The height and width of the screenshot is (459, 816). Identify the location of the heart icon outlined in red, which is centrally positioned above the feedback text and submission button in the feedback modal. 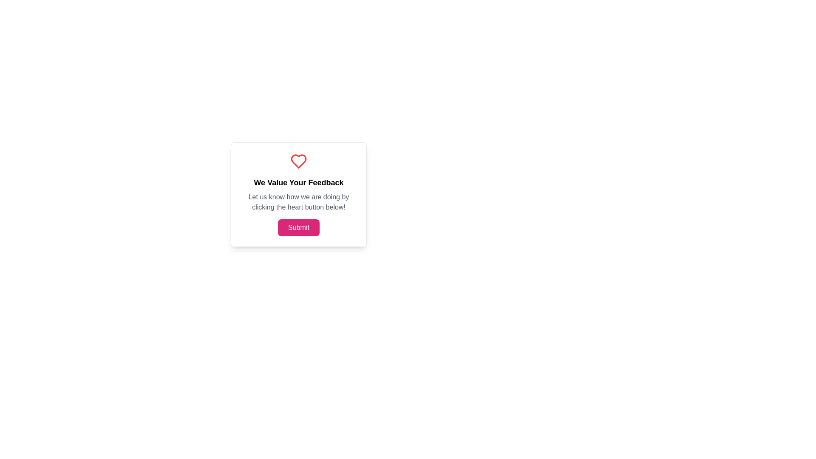
(298, 161).